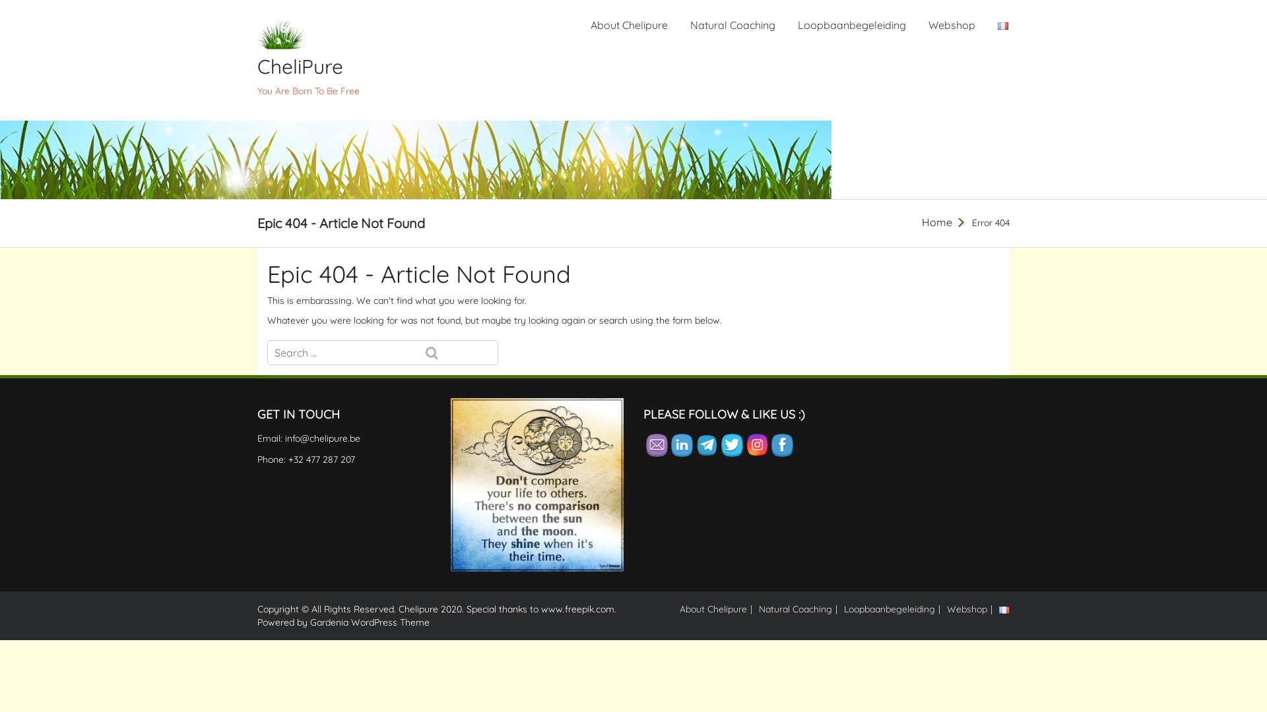  What do you see at coordinates (782, 445) in the screenshot?
I see `'Facebook'` at bounding box center [782, 445].